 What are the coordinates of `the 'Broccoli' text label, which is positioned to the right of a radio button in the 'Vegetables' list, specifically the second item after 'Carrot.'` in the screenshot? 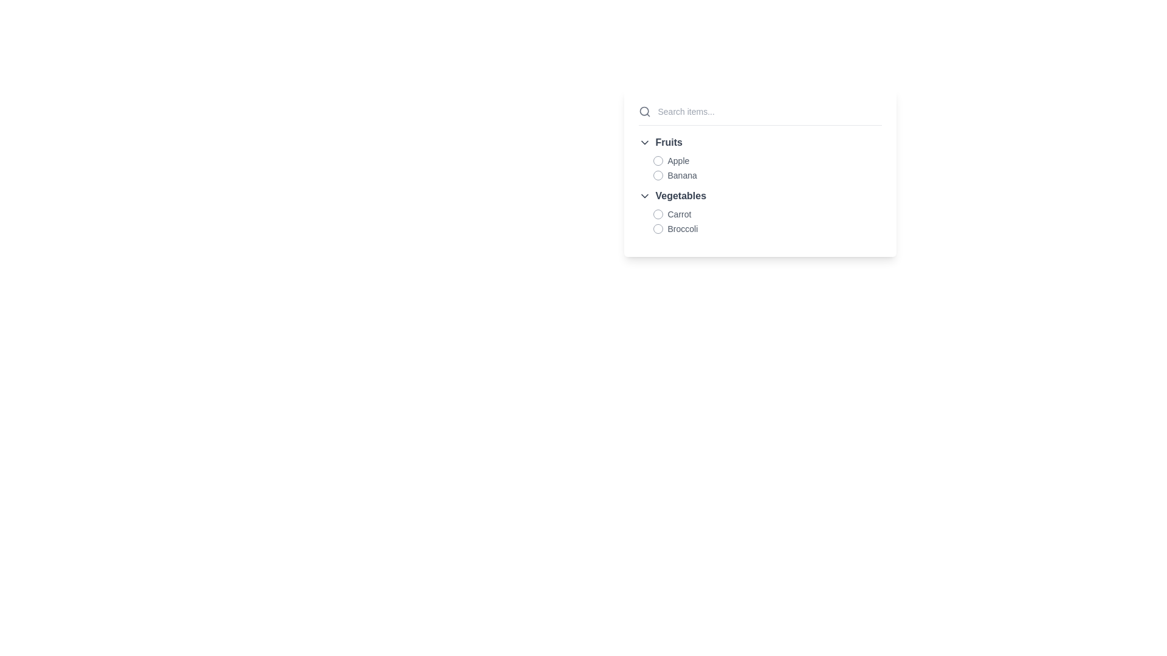 It's located at (683, 229).